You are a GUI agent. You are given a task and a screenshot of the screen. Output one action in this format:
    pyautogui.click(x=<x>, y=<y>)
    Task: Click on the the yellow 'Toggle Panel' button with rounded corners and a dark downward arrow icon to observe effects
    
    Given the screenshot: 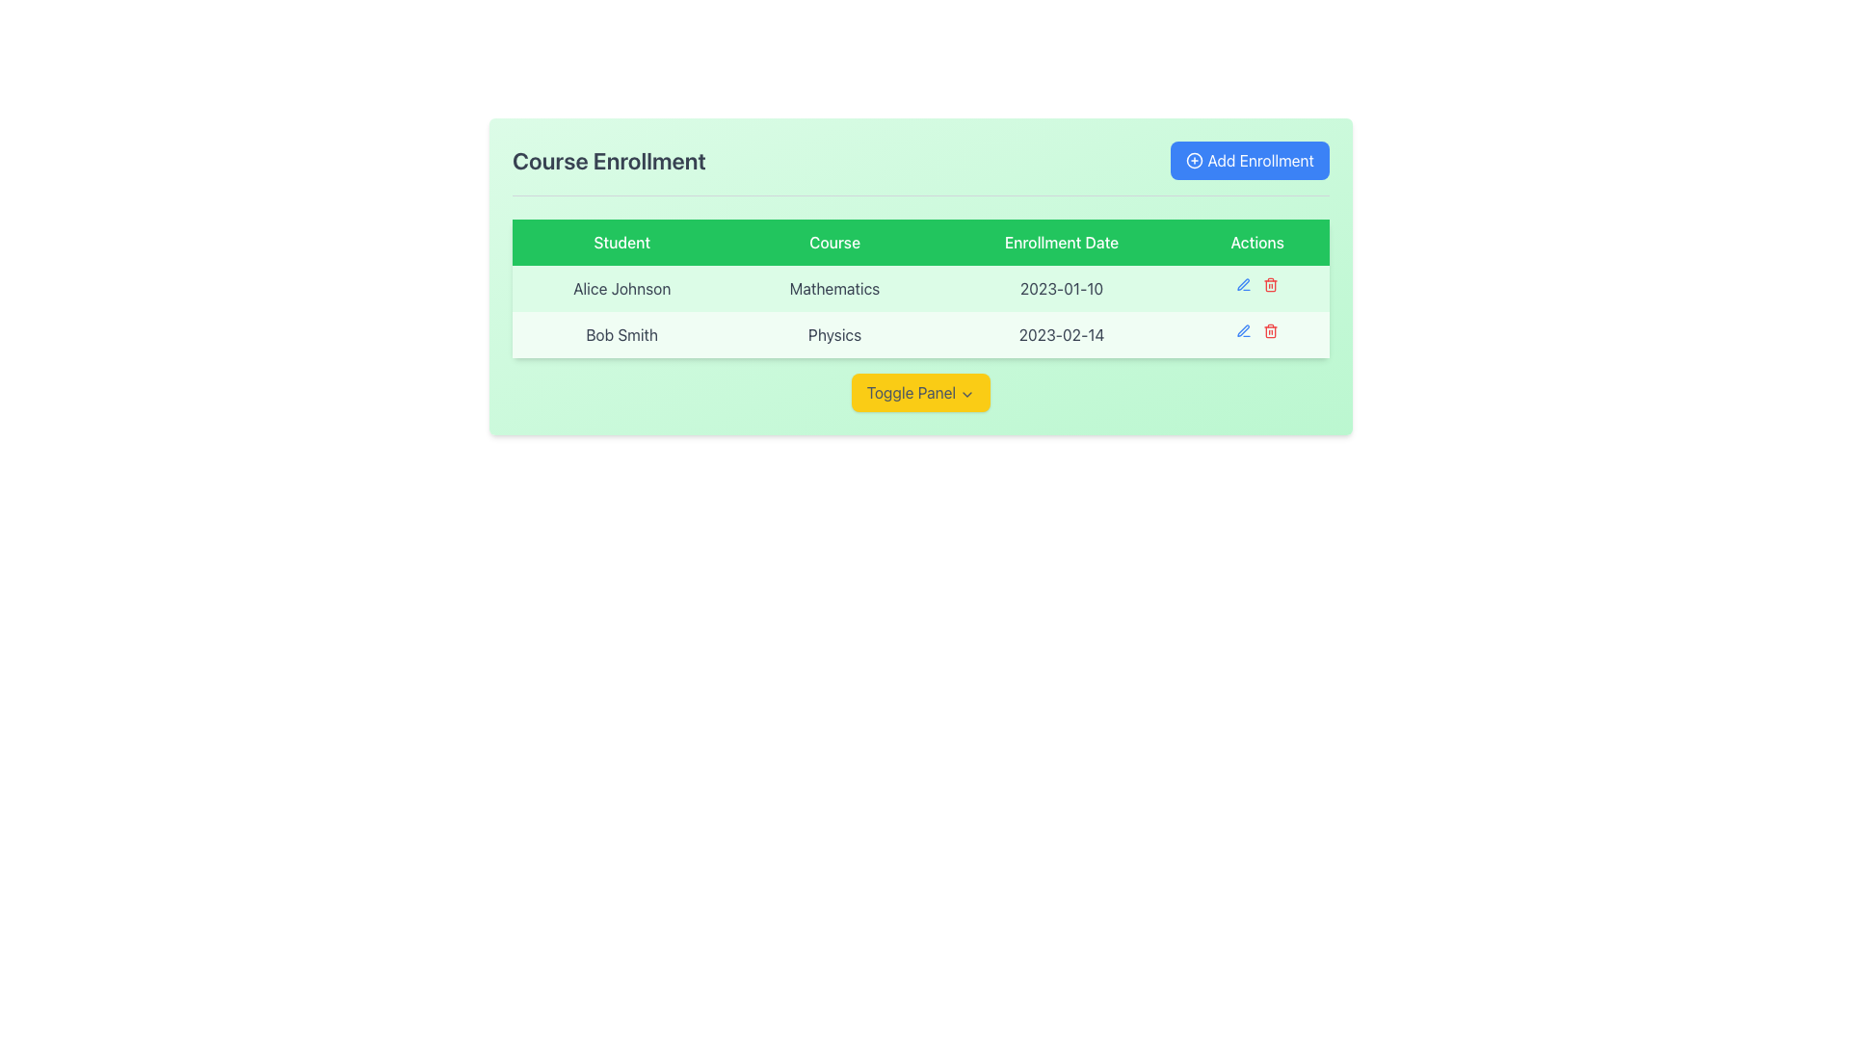 What is the action you would take?
    pyautogui.click(x=919, y=392)
    